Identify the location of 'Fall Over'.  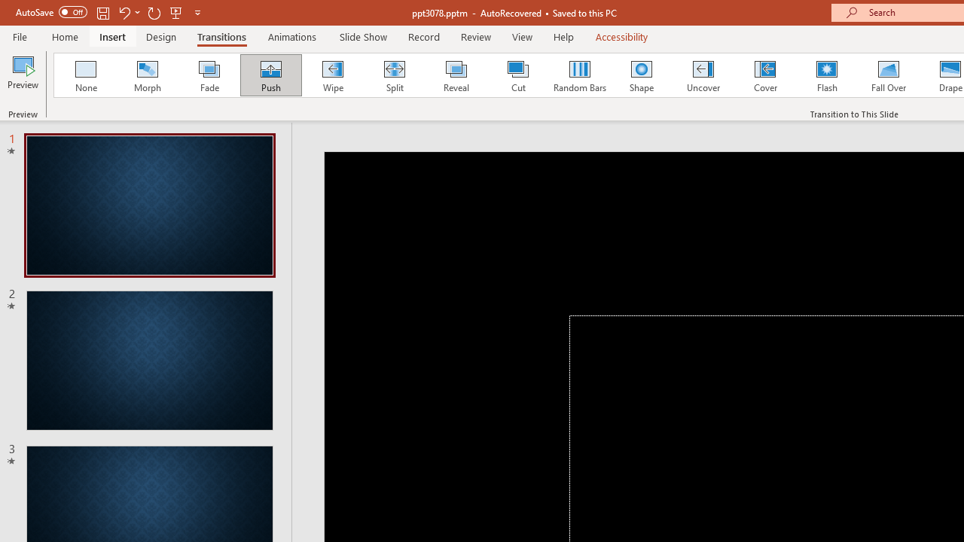
(889, 75).